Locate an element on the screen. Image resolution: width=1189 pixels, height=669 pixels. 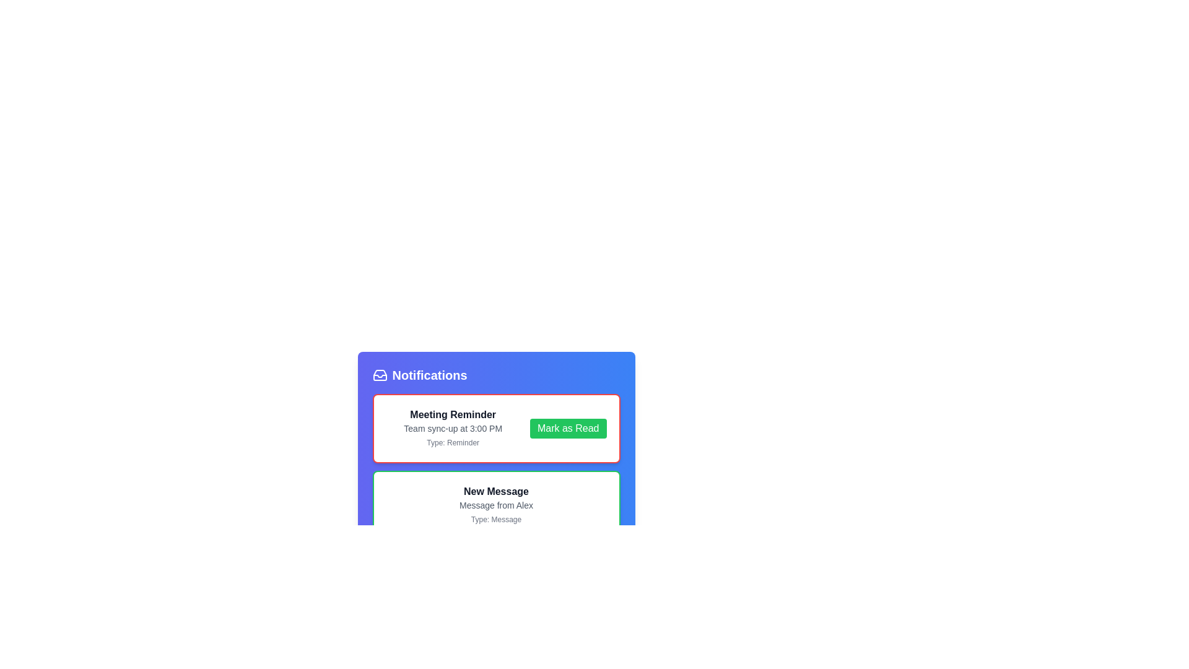
informational text about the scheduled activity or meeting time located beneath the 'Meeting Reminder' text and above the 'Type: Reminder' text in the notification panel is located at coordinates (452, 427).